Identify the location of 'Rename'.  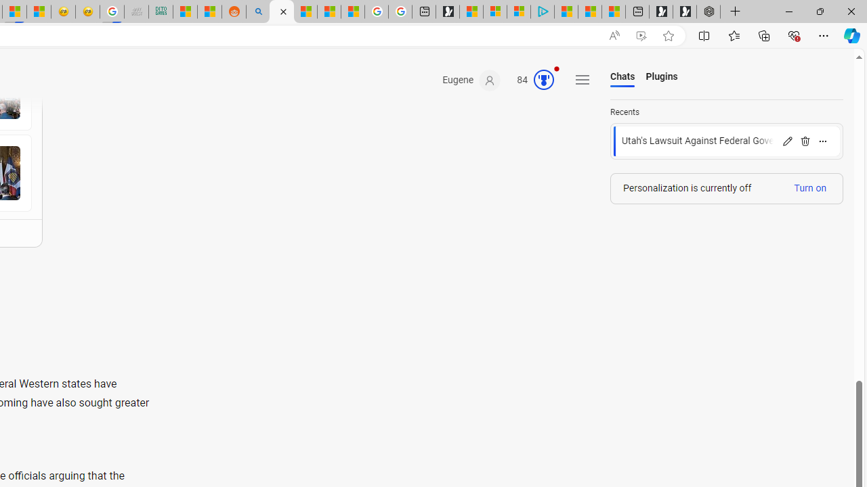
(787, 141).